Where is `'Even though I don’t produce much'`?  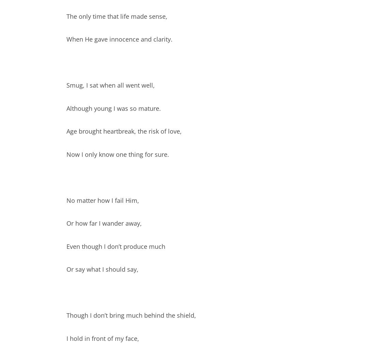
'Even though I don’t produce much' is located at coordinates (116, 245).